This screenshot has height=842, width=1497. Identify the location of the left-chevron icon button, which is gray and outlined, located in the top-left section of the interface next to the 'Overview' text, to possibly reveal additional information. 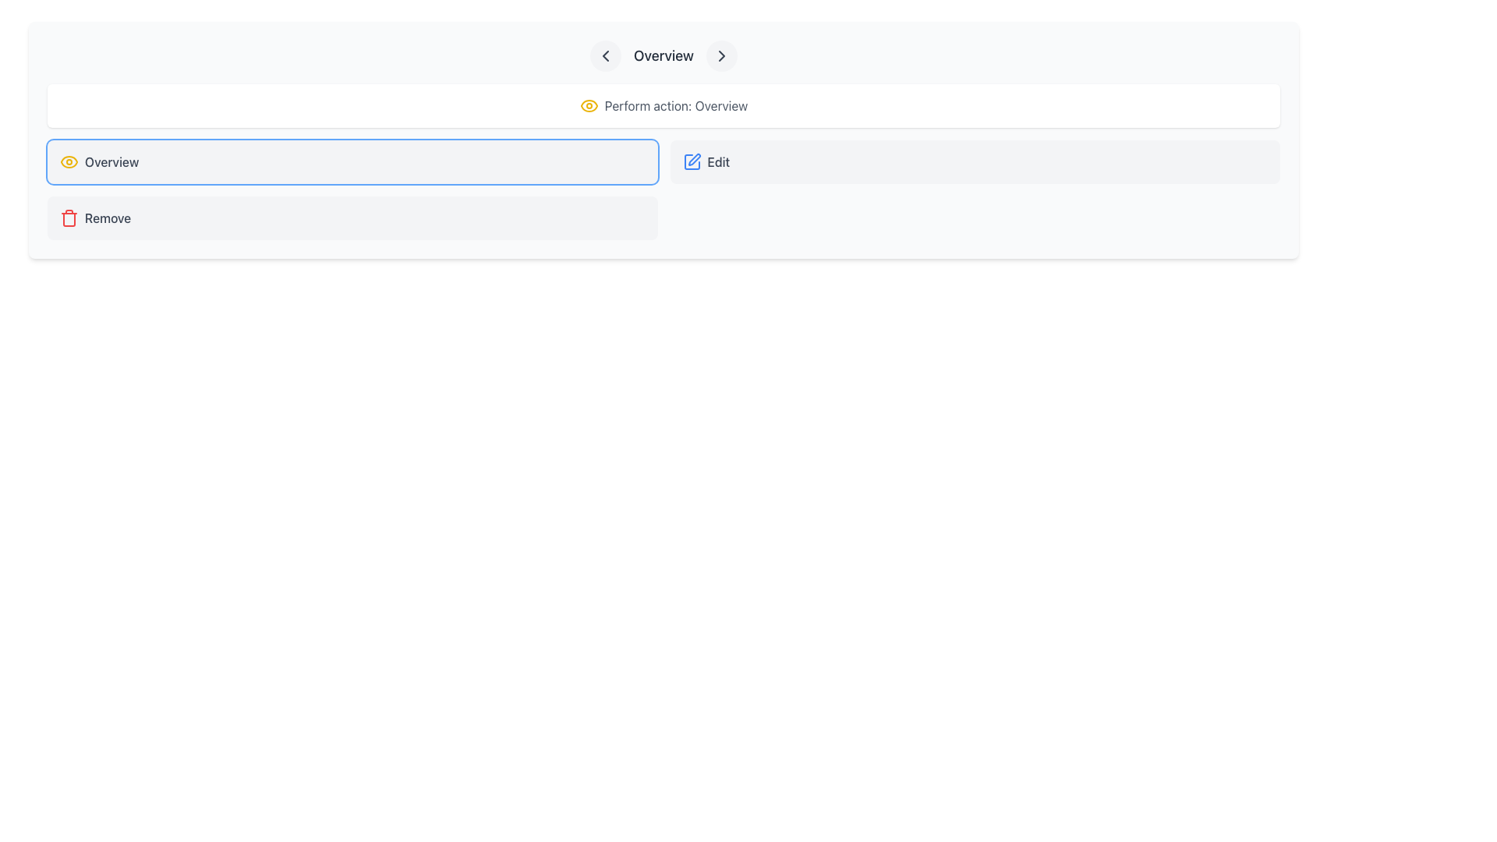
(605, 55).